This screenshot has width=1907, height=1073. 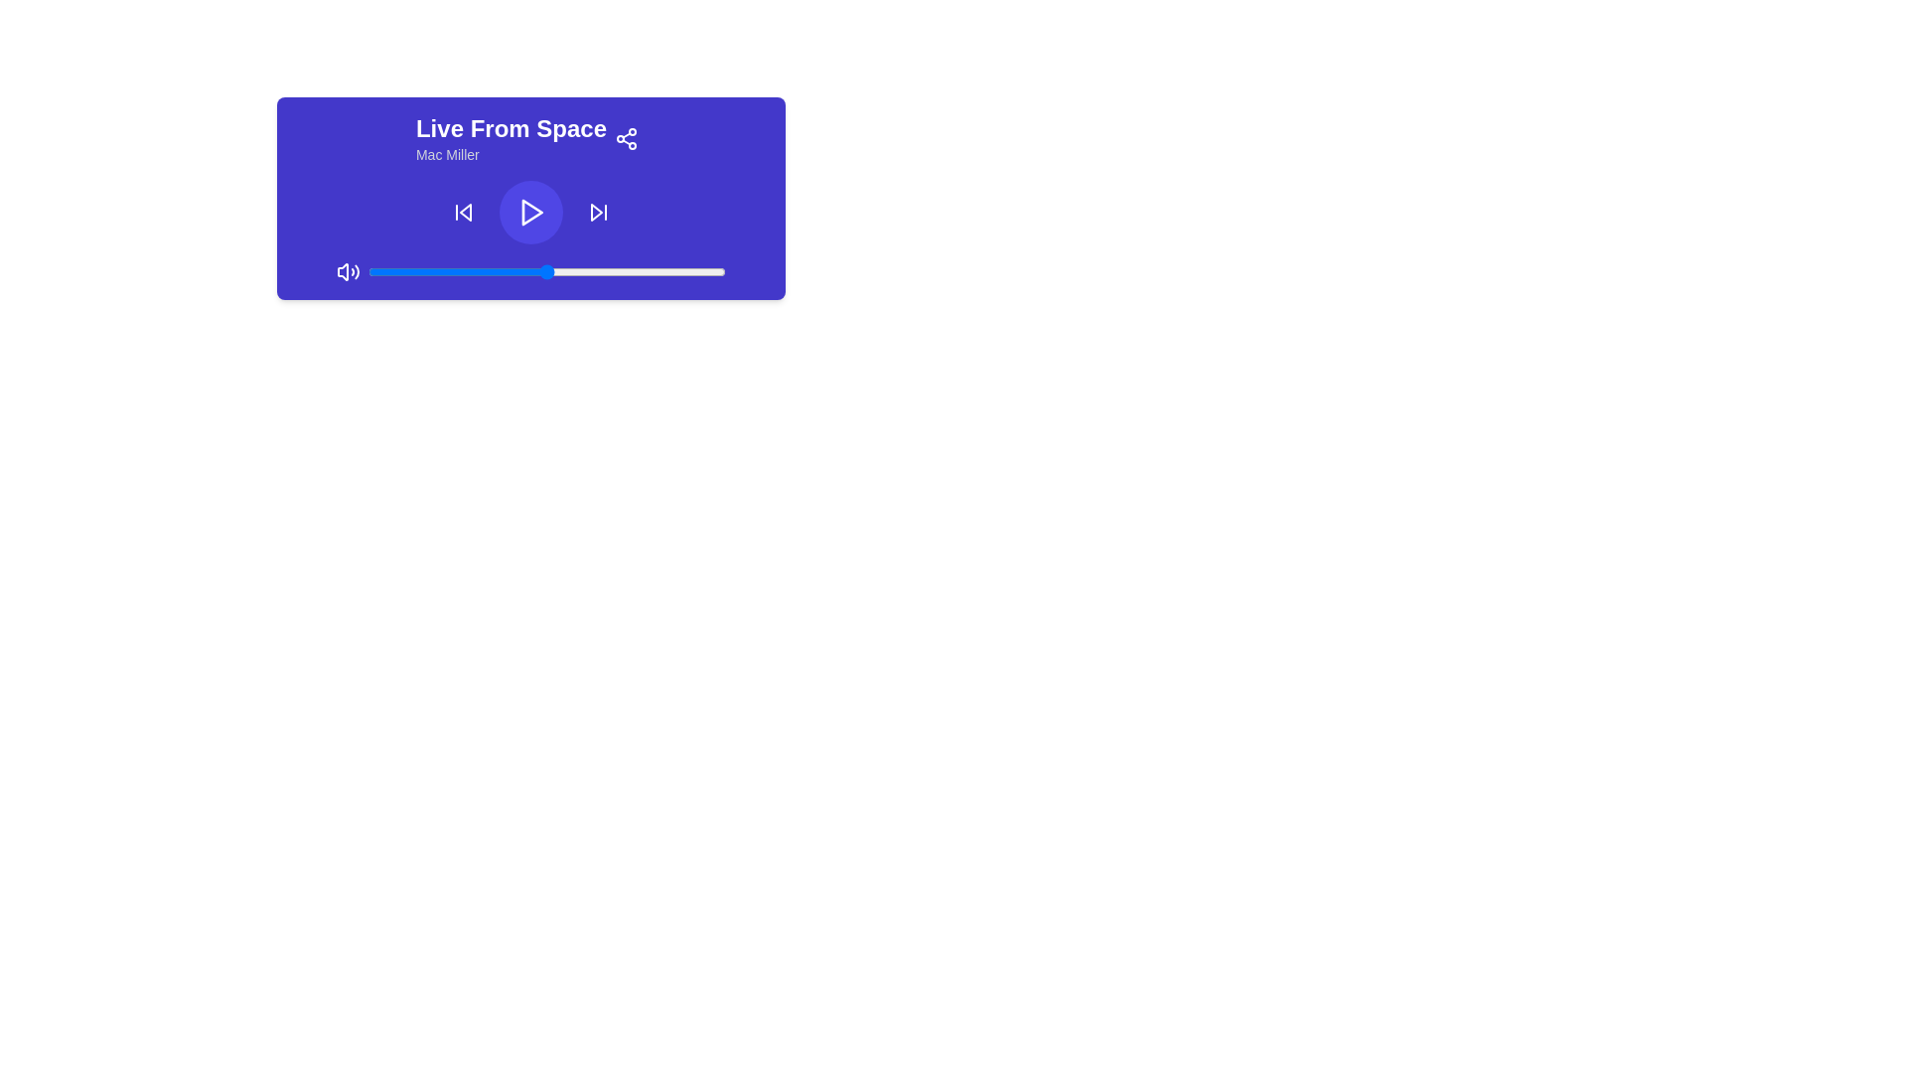 I want to click on the triangular-shaped play icon outlined in white, positioned within a circular purple background in the media control section, so click(x=530, y=212).